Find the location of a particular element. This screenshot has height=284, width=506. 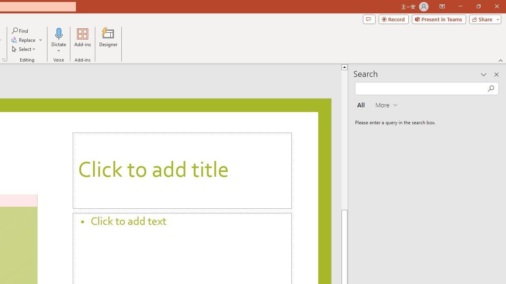

'Format Object...' is located at coordinates (4, 59).